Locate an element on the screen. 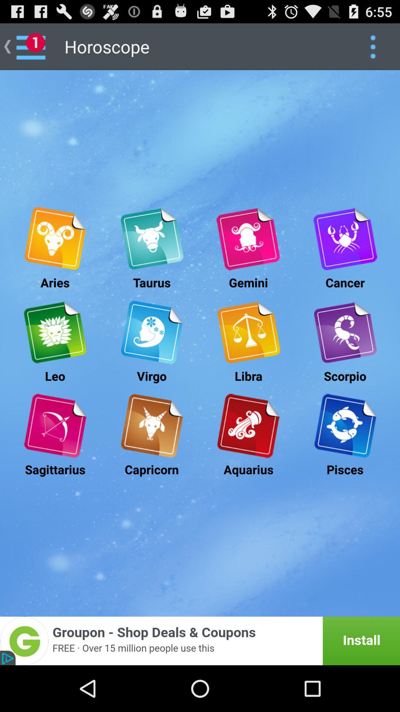 The image size is (400, 712). arles is located at coordinates (54, 239).